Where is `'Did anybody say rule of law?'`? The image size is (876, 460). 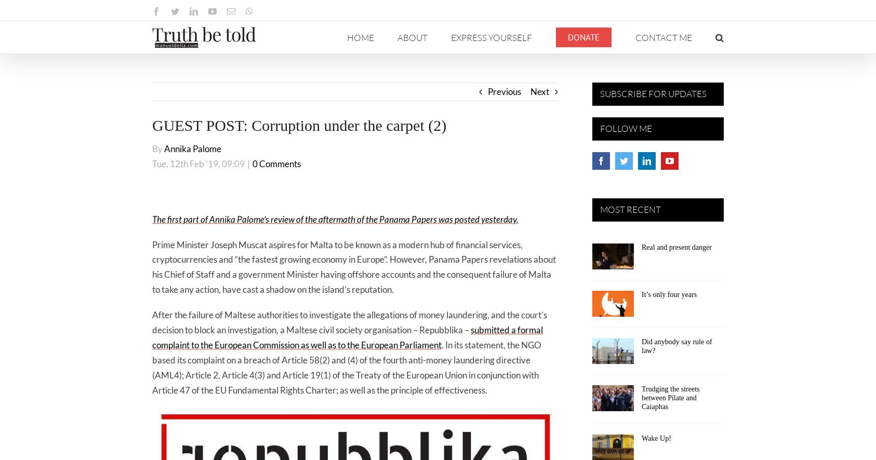
'Did anybody say rule of law?' is located at coordinates (641, 345).